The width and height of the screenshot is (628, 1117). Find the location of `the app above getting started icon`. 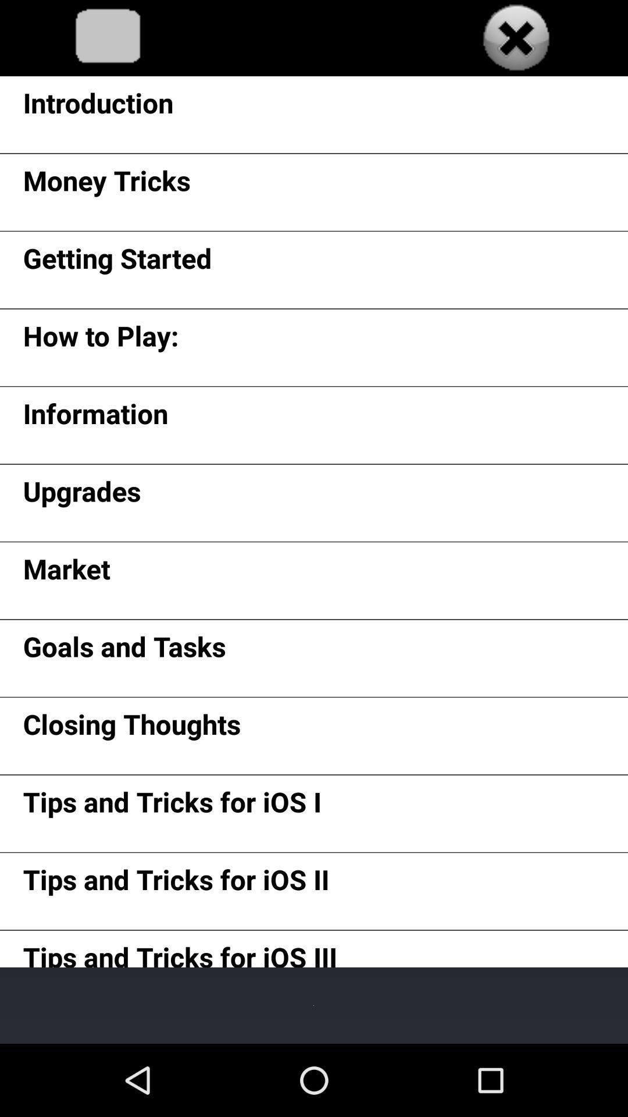

the app above getting started icon is located at coordinates (106, 184).